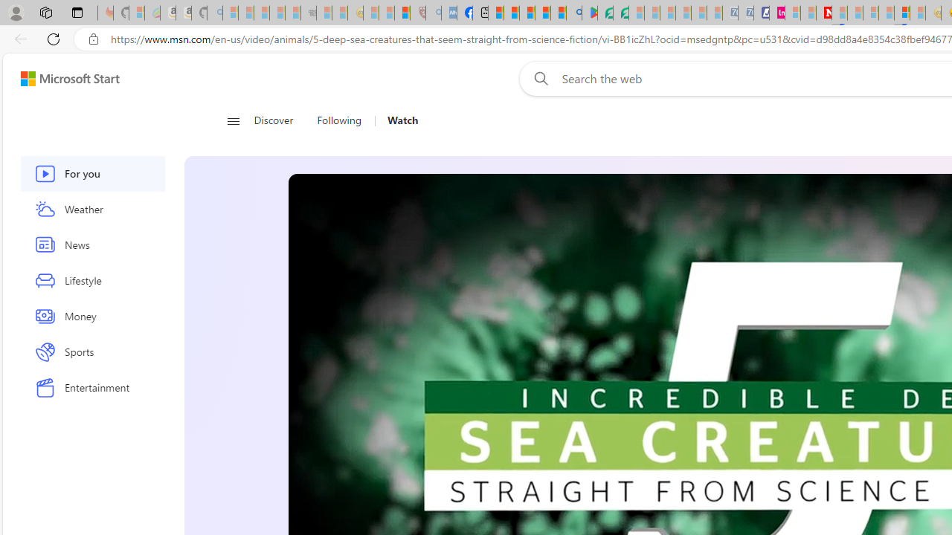 The width and height of the screenshot is (952, 535). What do you see at coordinates (293, 13) in the screenshot?
I see `'New Report Confirms 2023 Was Record Hot | Watch - Sleeping'` at bounding box center [293, 13].